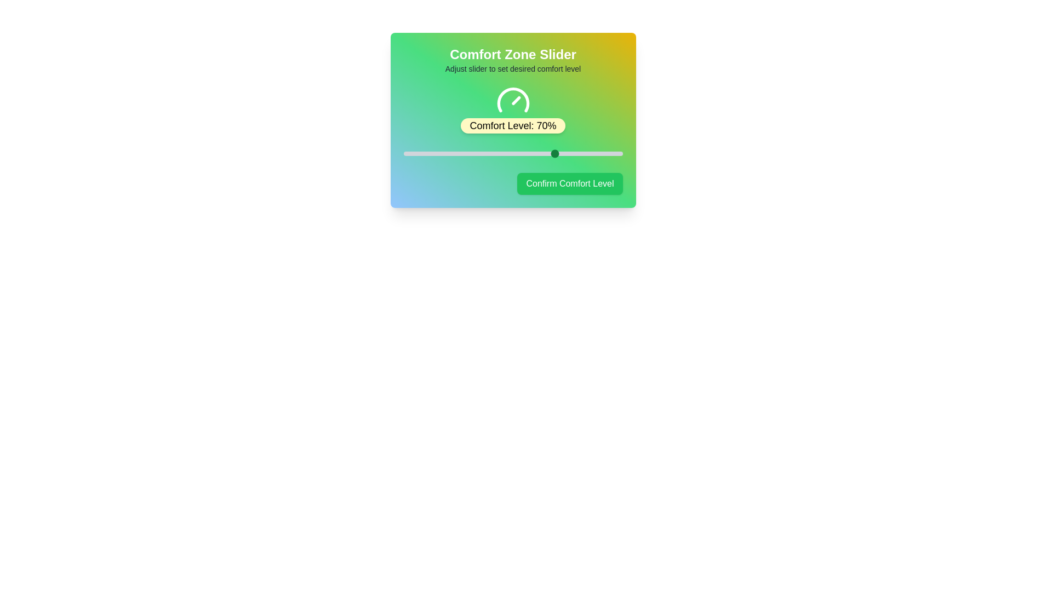 The height and width of the screenshot is (591, 1052). I want to click on the slider to set the comfort level to 11, so click(427, 154).